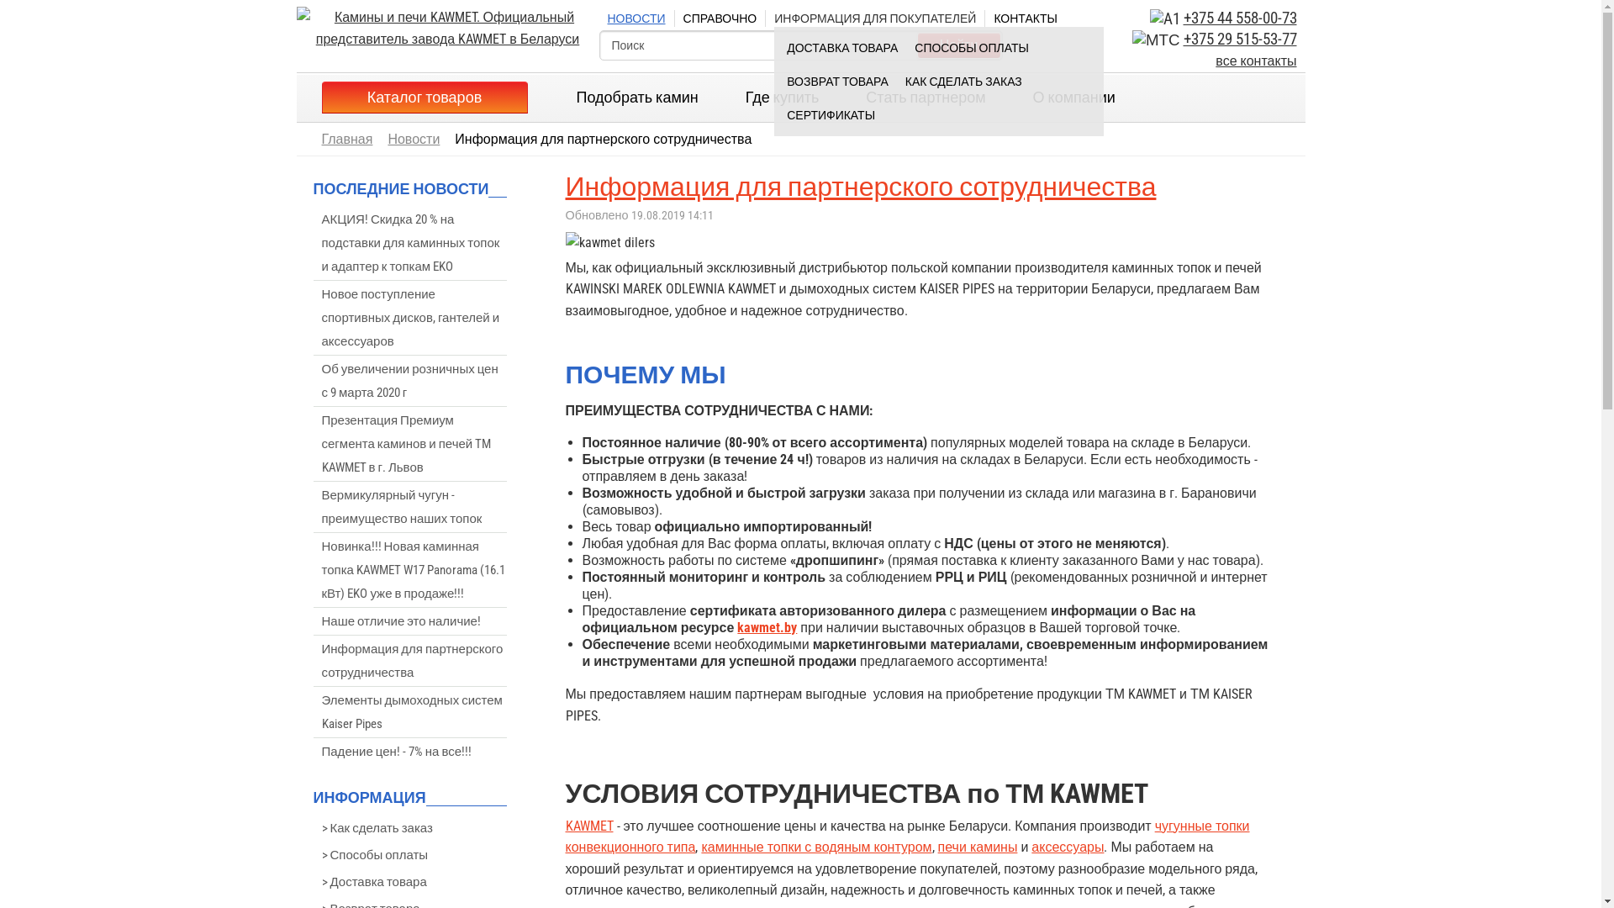  What do you see at coordinates (766, 627) in the screenshot?
I see `'kawmet.by'` at bounding box center [766, 627].